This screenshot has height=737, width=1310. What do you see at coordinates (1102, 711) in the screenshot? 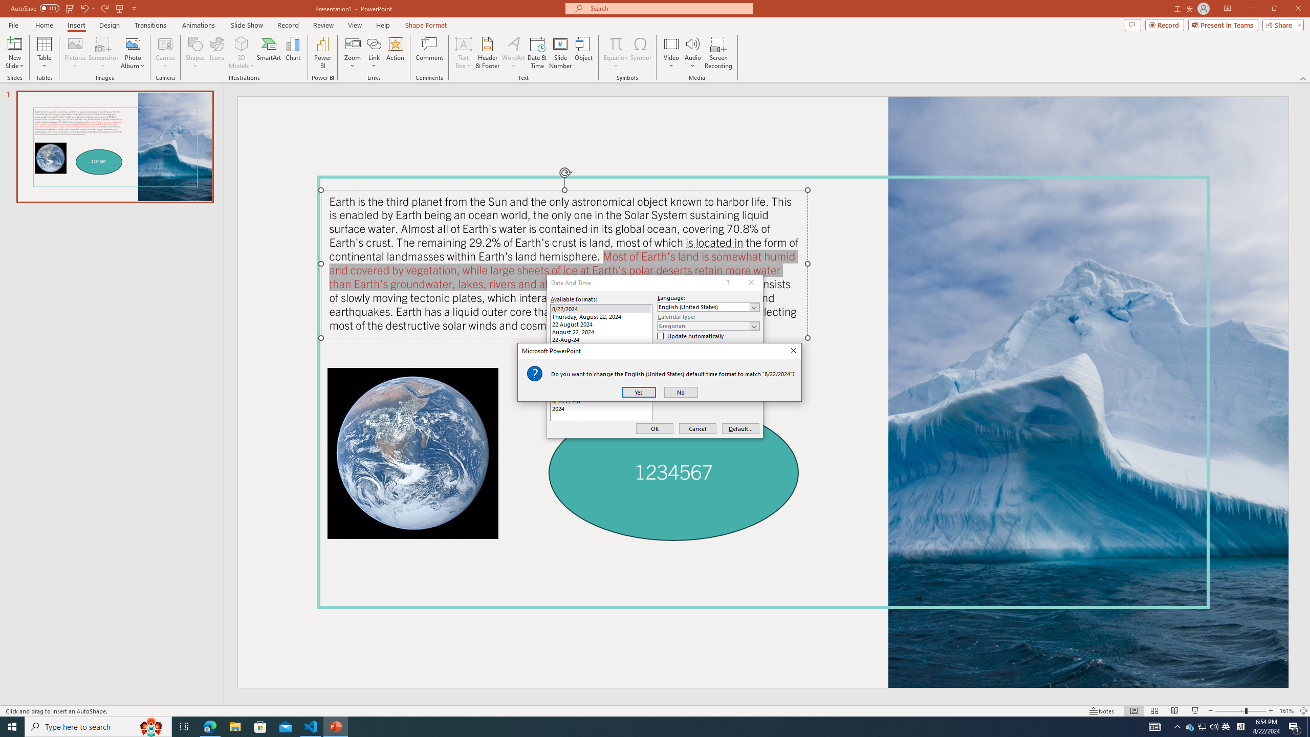
I see `'Notes '` at bounding box center [1102, 711].